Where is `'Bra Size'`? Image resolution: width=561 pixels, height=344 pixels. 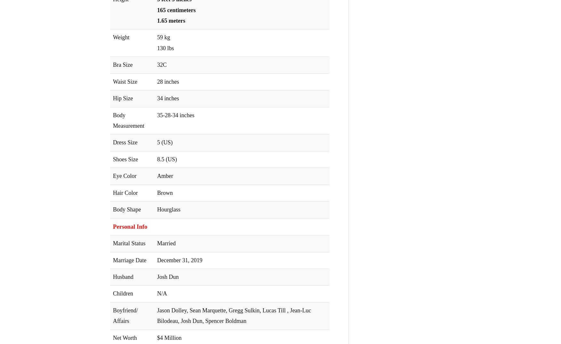
'Bra Size' is located at coordinates (123, 65).